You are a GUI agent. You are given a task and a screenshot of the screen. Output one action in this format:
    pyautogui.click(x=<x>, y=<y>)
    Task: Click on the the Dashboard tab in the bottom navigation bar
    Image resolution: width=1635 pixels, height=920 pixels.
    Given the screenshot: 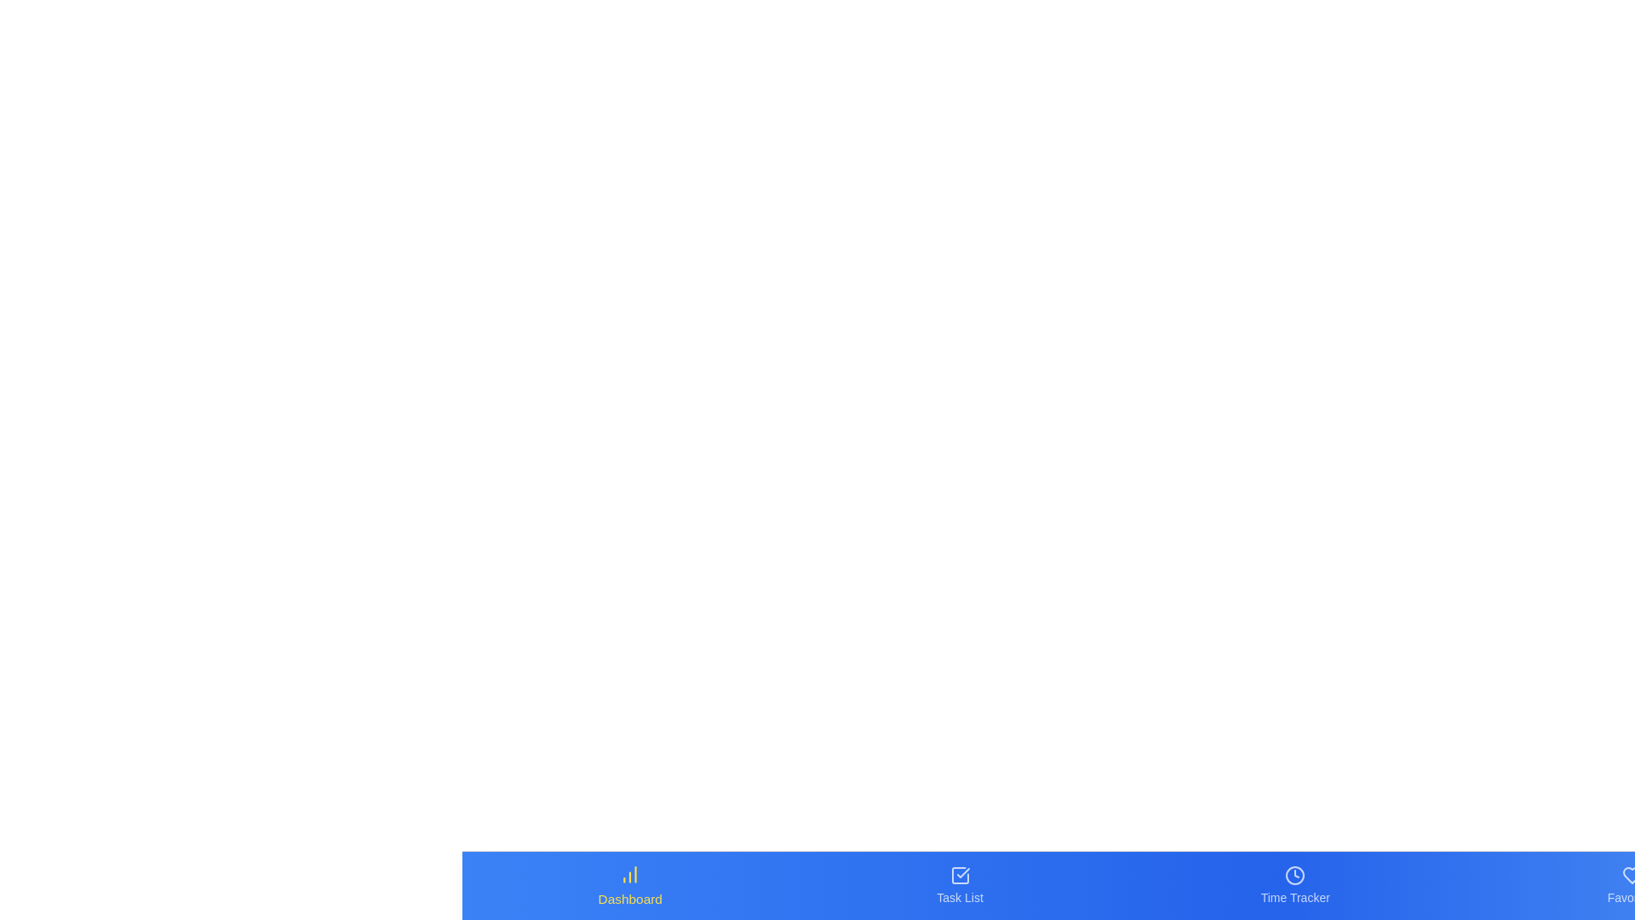 What is the action you would take?
    pyautogui.click(x=628, y=885)
    